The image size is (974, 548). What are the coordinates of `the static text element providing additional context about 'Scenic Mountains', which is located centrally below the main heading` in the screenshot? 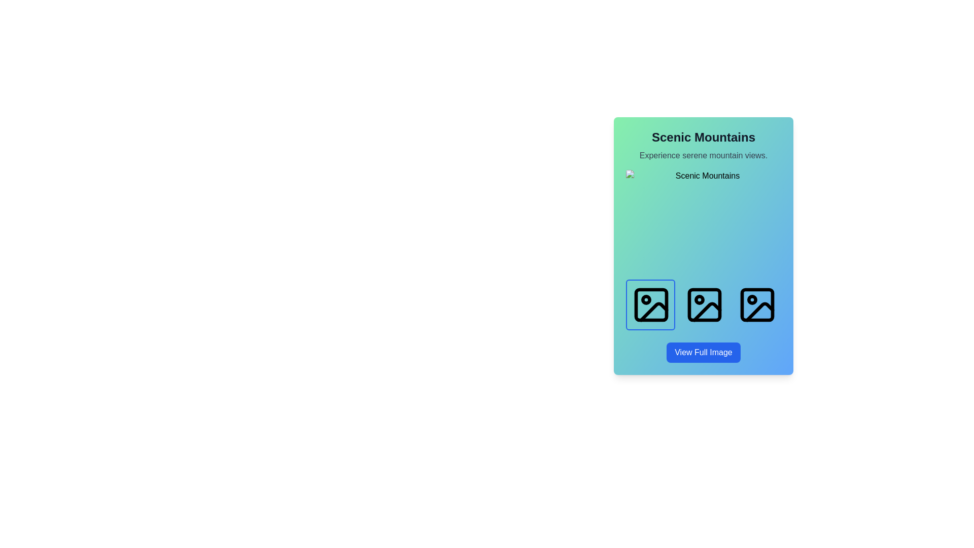 It's located at (703, 156).